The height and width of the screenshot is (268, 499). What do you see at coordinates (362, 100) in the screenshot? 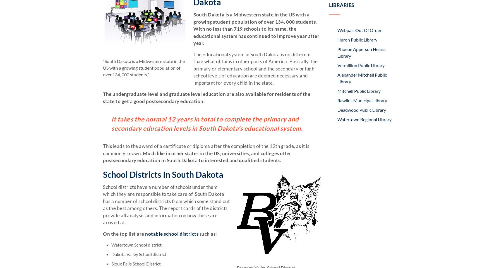
I see `'Rawlins Municipal Library'` at bounding box center [362, 100].